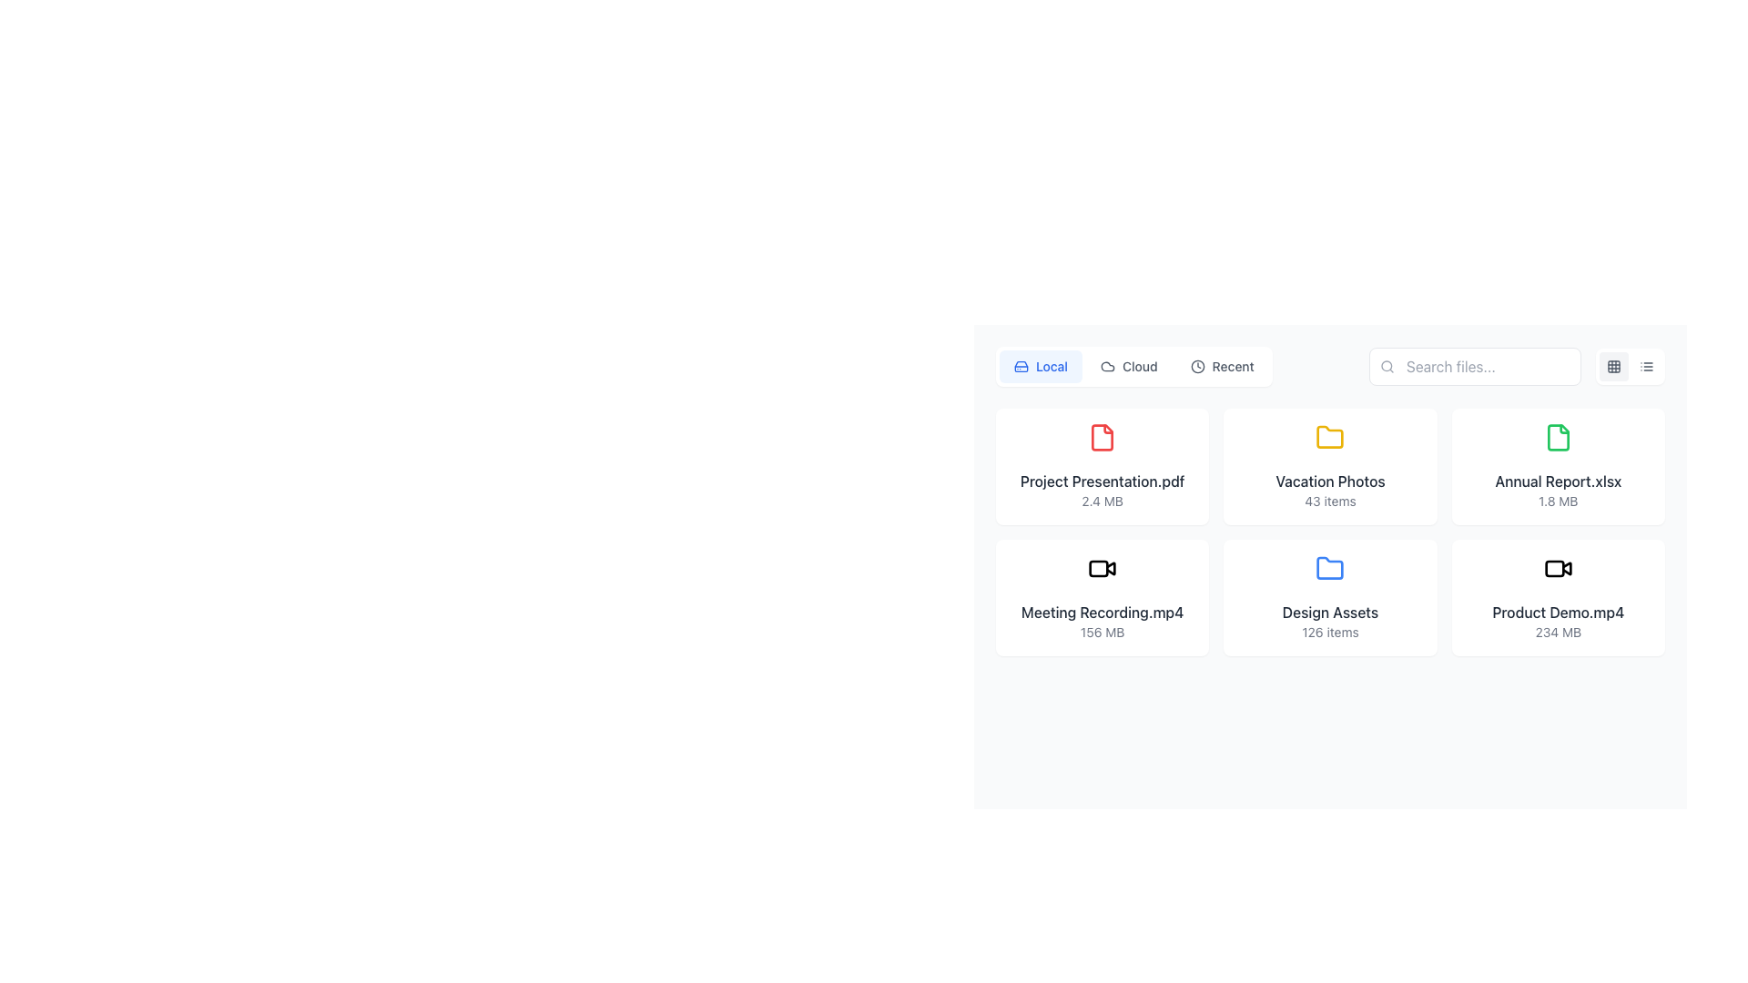 This screenshot has height=983, width=1748. I want to click on the cloud storage icon located in the top-right segment of the interface, next to the 'Cloud' option, so click(1107, 366).